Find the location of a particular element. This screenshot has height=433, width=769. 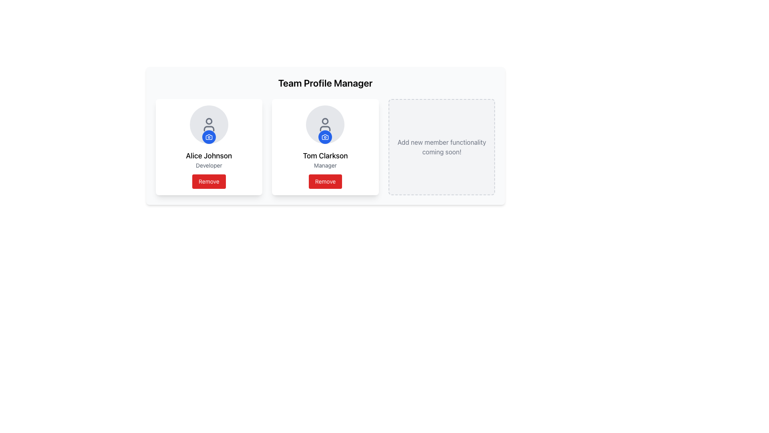

the button located at the bottom of the card displaying 'Tom Clarkson', which serves is located at coordinates (325, 181).